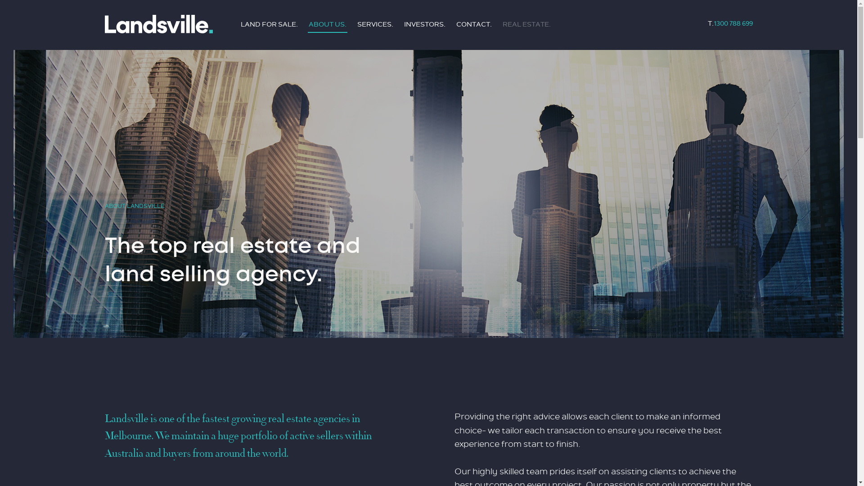 The height and width of the screenshot is (486, 864). What do you see at coordinates (424, 24) in the screenshot?
I see `'INVESTORS.'` at bounding box center [424, 24].